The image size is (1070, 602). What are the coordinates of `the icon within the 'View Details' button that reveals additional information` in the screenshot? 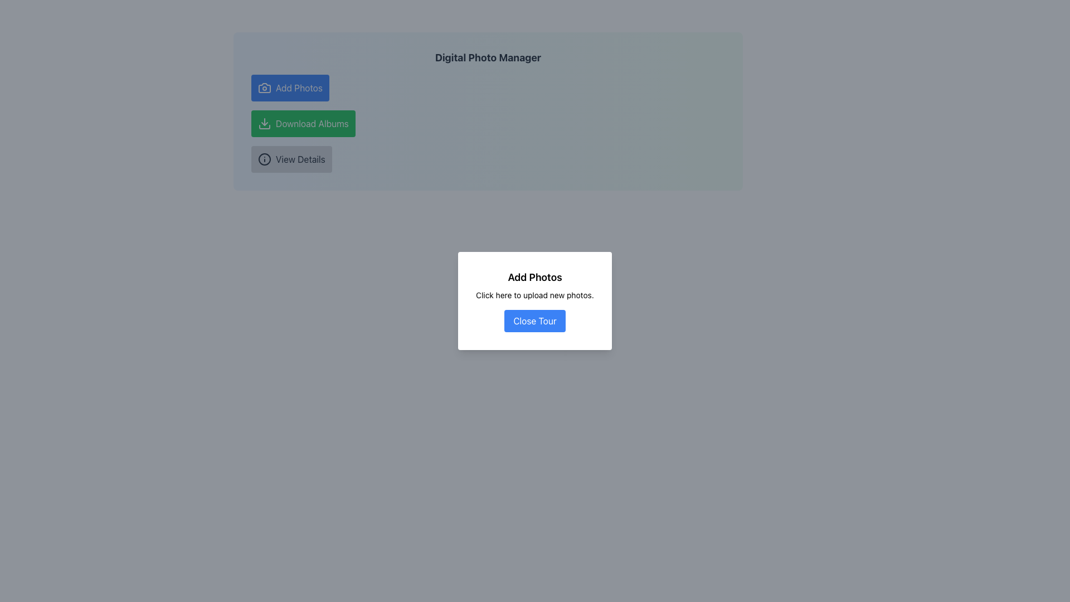 It's located at (264, 159).